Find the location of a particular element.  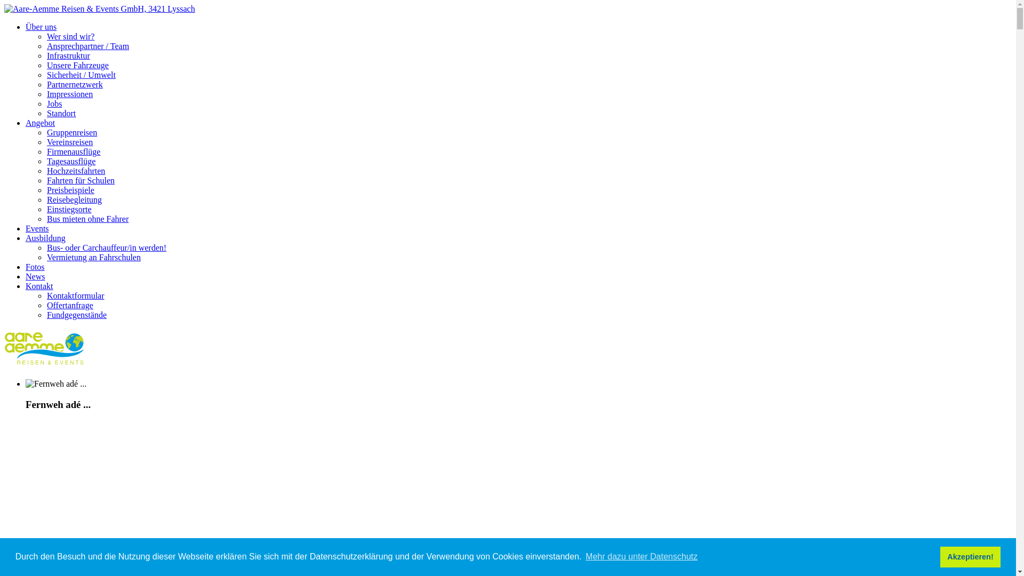

'Bus mieten ohne Fahrer' is located at coordinates (87, 218).